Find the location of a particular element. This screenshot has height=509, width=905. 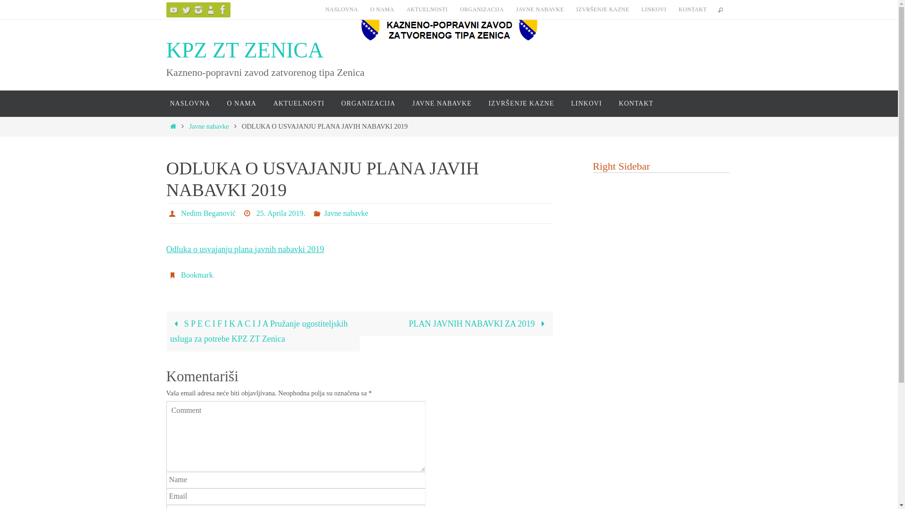

'AKTUELNOSTI' is located at coordinates (298, 103).